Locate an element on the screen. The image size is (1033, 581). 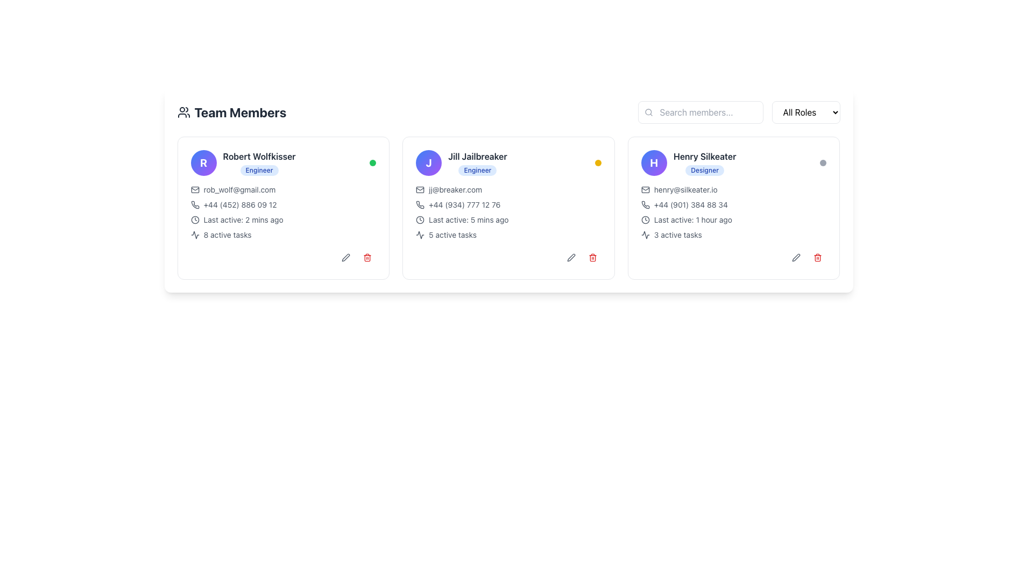
the phone number display for user 'Robert Wolfkisser' located in the center-left card of the 'Team Members' section, beneath the email 'rob_wolf@gmail.com' is located at coordinates (283, 205).